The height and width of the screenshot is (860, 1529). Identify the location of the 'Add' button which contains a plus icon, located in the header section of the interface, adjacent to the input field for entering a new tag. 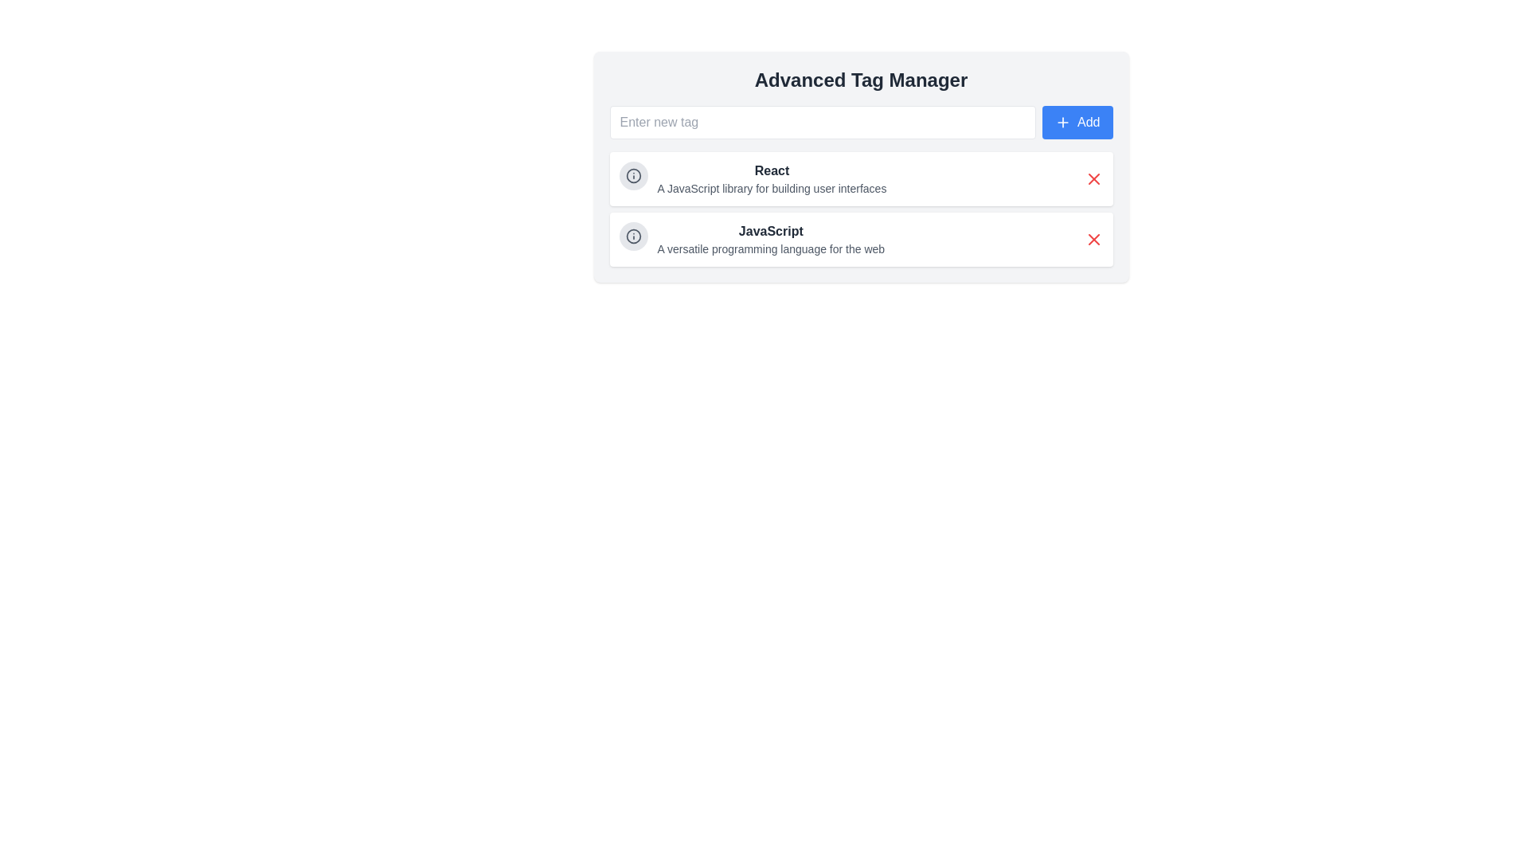
(1062, 122).